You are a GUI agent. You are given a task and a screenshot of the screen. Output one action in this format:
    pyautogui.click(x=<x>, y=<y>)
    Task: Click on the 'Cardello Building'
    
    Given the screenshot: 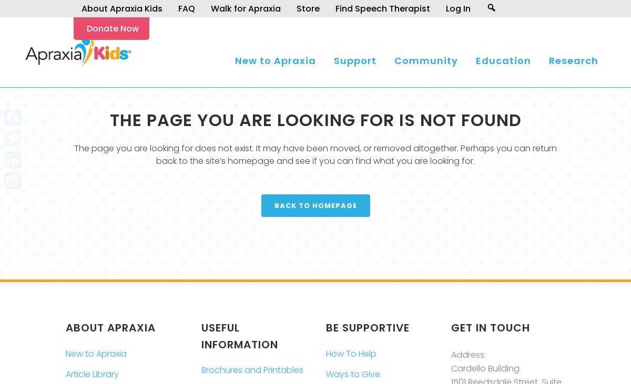 What is the action you would take?
    pyautogui.click(x=484, y=368)
    